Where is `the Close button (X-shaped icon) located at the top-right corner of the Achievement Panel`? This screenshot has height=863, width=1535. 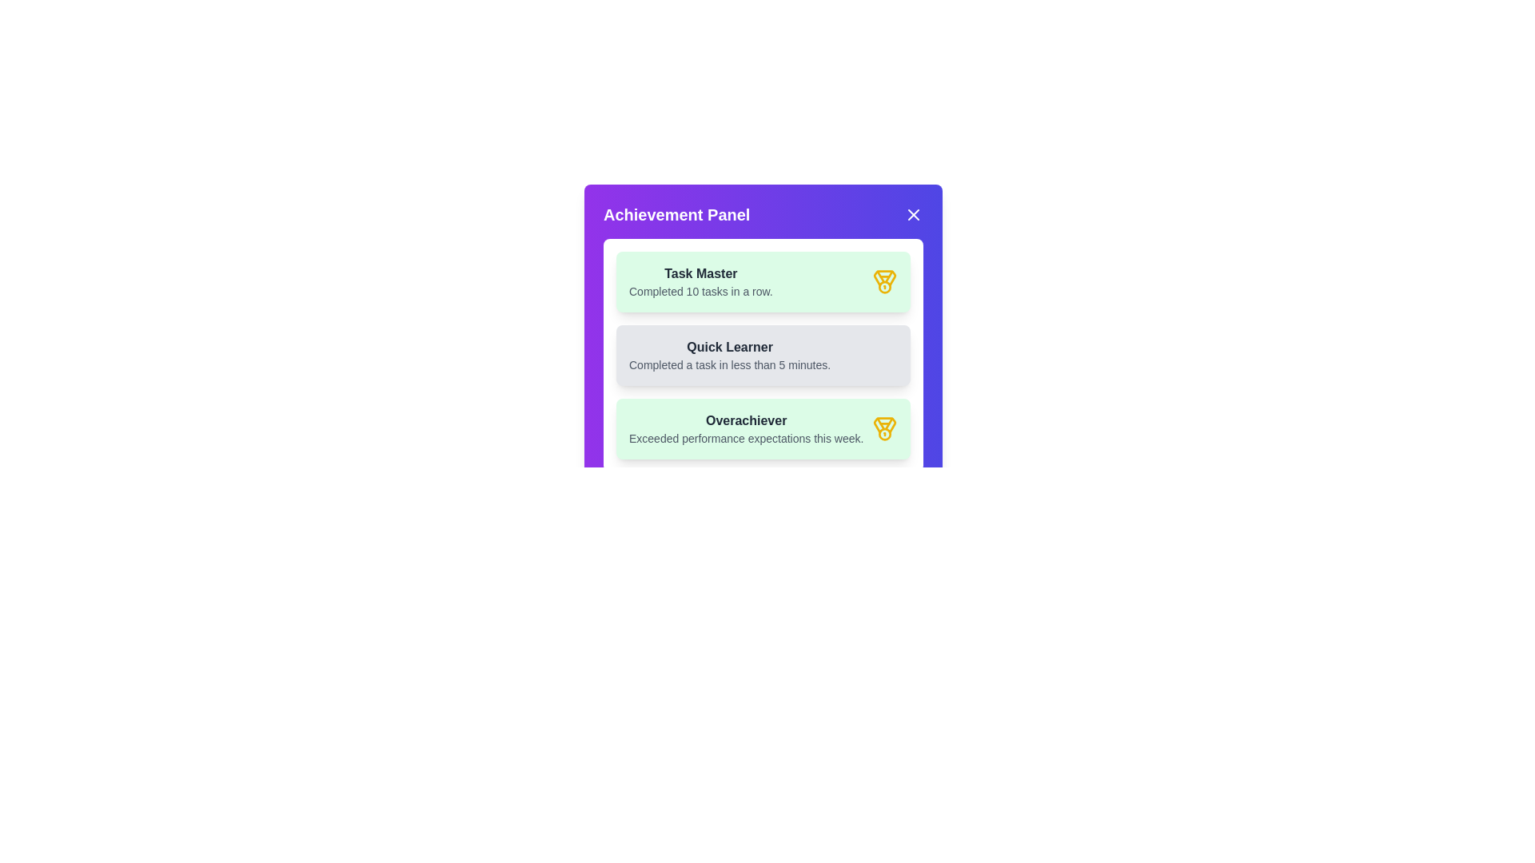
the Close button (X-shaped icon) located at the top-right corner of the Achievement Panel is located at coordinates (913, 214).